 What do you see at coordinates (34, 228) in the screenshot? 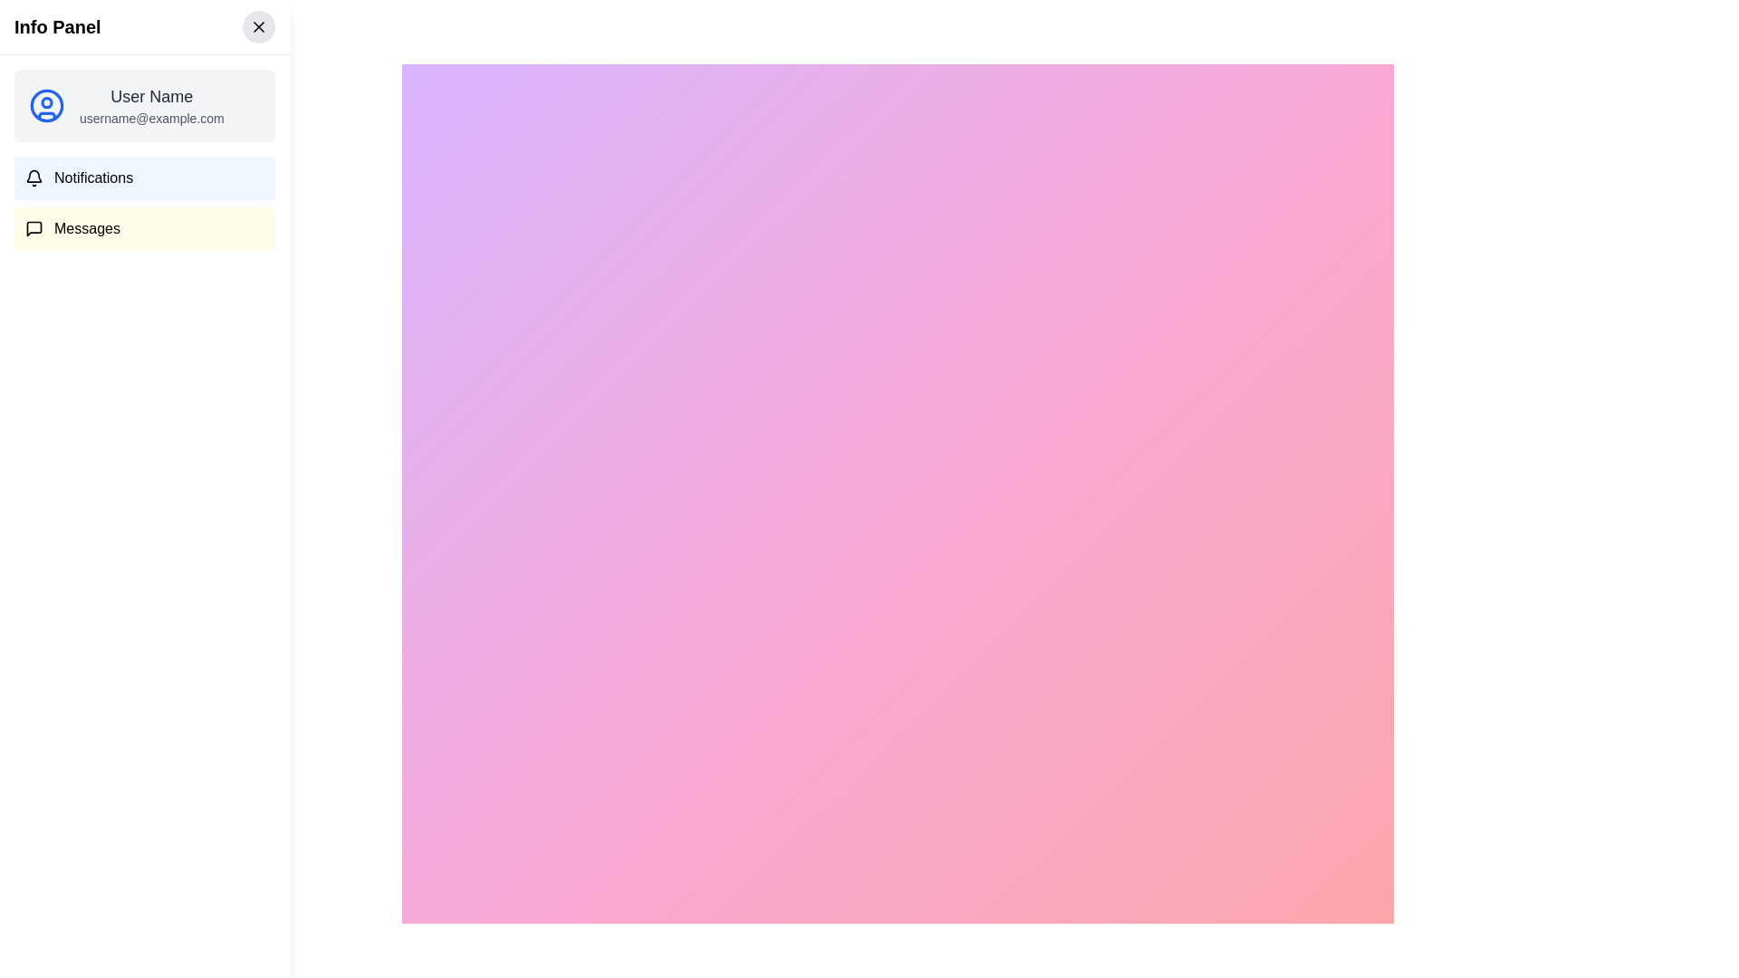
I see `the messages icon located on the left side of the 'Messages' menu item in the lower section of the vertical menu` at bounding box center [34, 228].